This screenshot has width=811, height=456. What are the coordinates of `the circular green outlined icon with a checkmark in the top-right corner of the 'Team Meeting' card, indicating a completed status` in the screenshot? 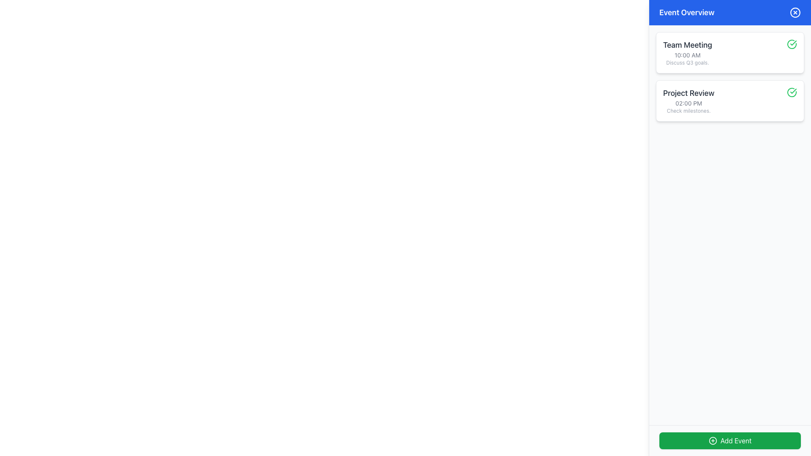 It's located at (792, 44).